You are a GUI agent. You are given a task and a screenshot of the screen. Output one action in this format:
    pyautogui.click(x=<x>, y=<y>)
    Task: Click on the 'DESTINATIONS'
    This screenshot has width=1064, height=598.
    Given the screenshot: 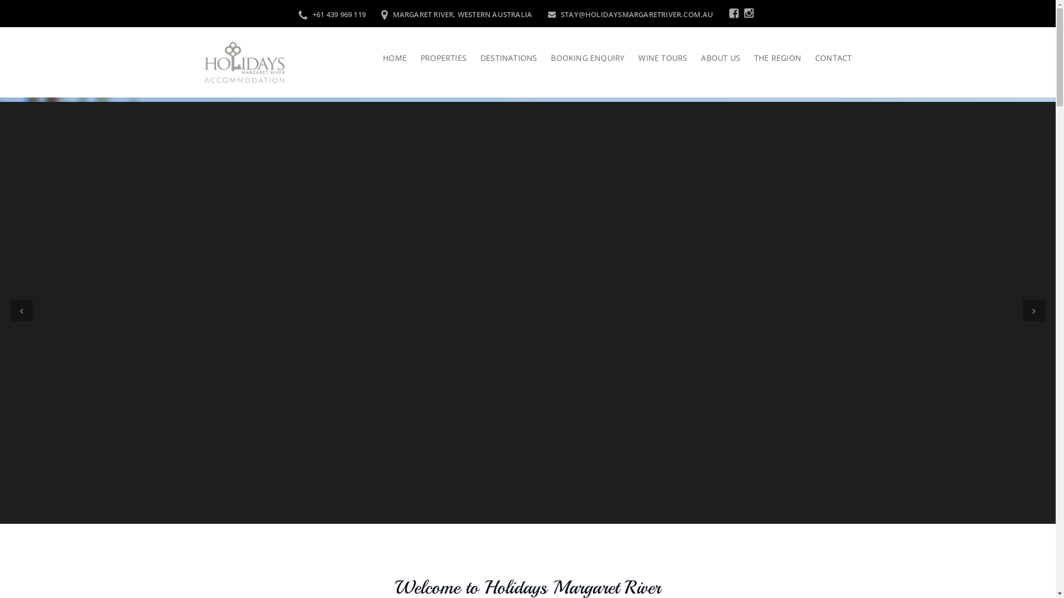 What is the action you would take?
    pyautogui.click(x=466, y=58)
    